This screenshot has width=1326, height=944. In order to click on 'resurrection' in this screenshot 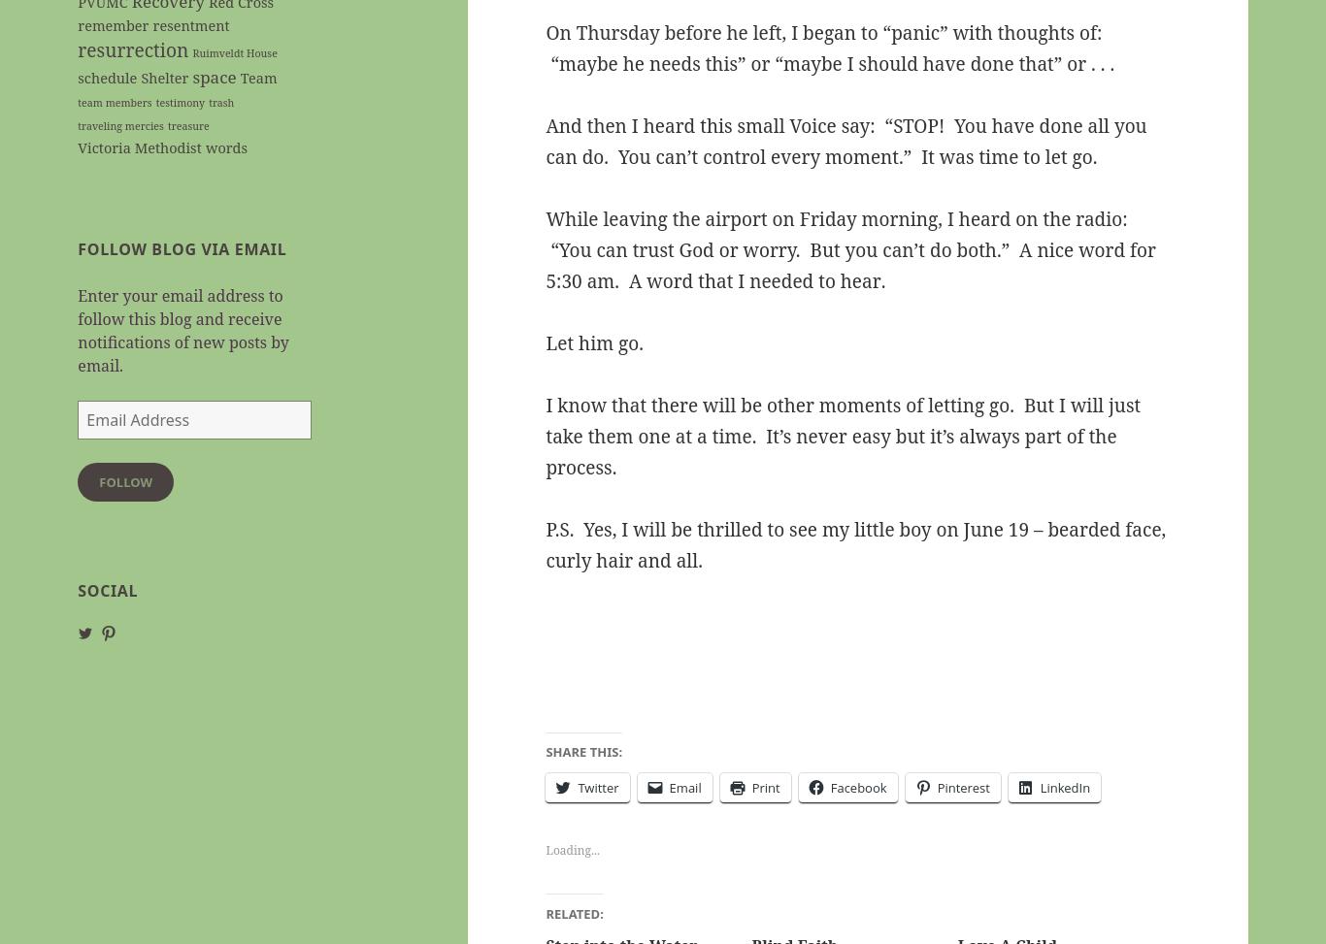, I will do `click(78, 49)`.